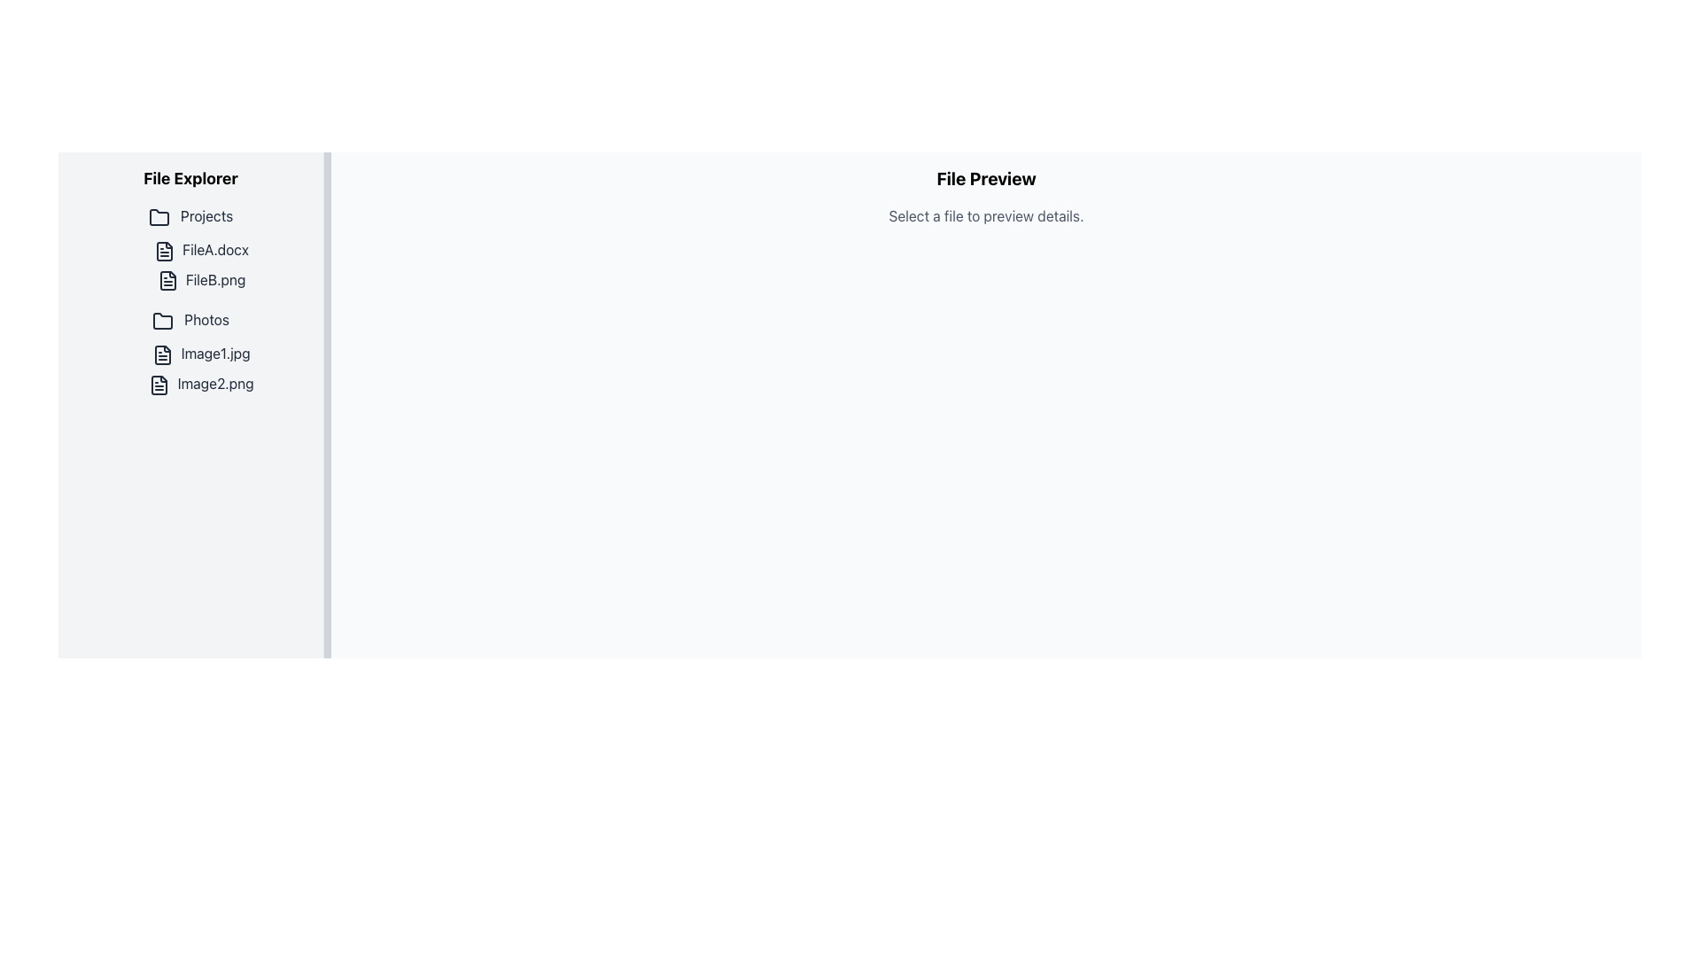 The height and width of the screenshot is (957, 1701). Describe the element at coordinates (985, 214) in the screenshot. I see `the text element displaying 'Select a file` at that location.